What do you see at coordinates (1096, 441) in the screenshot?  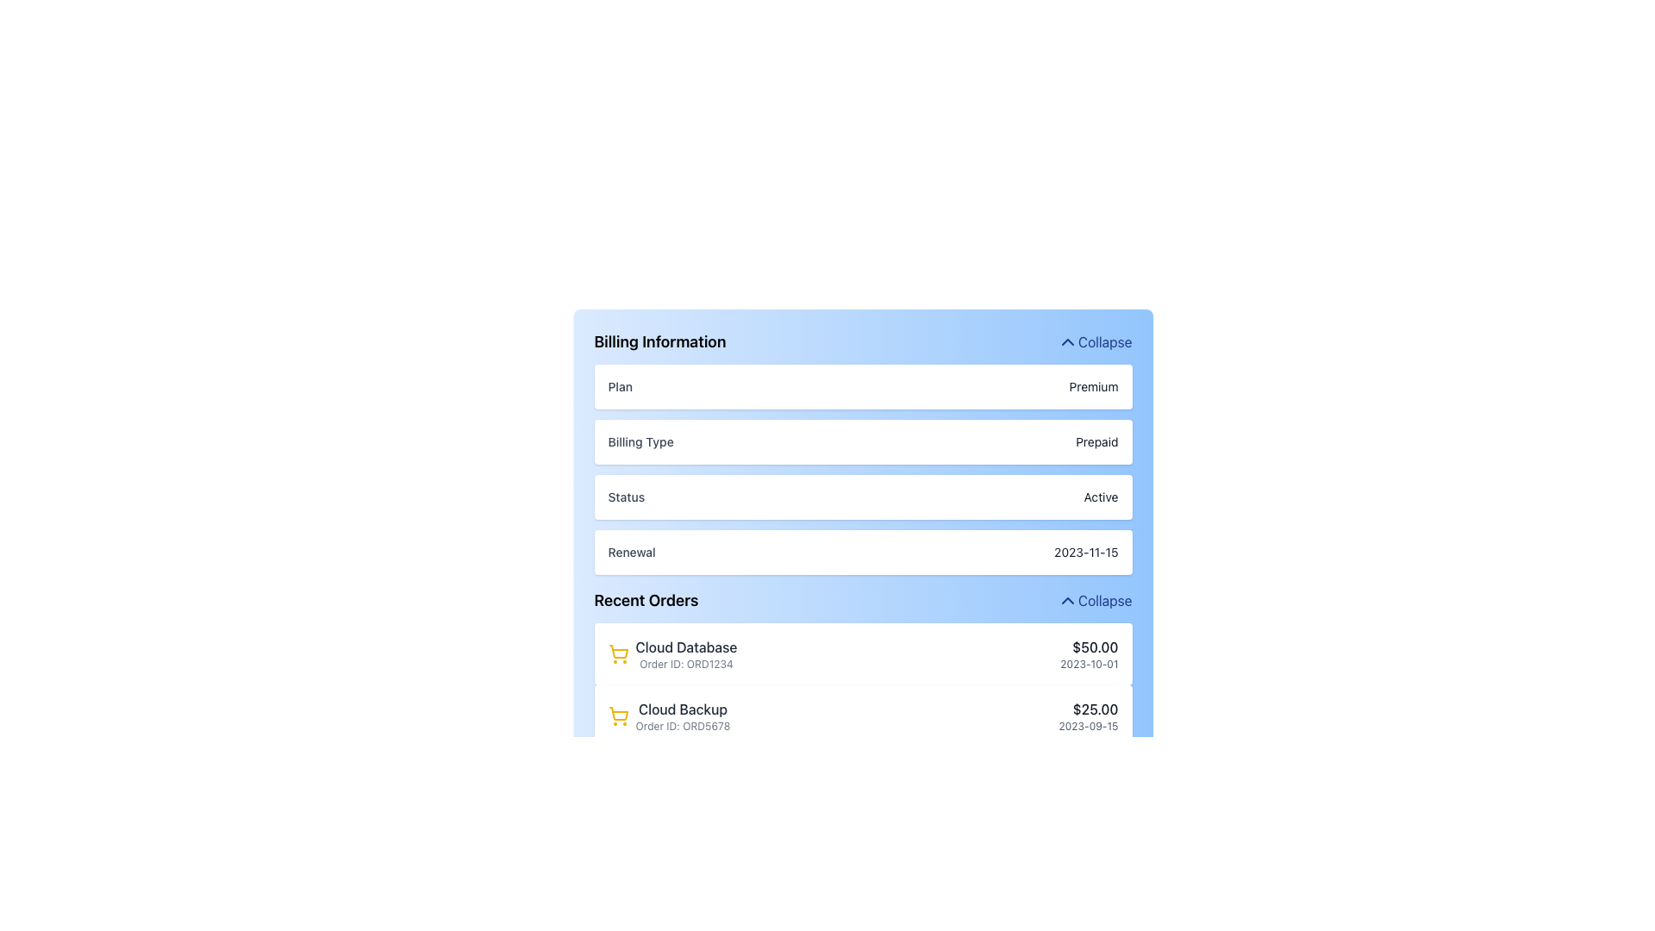 I see `the text label displaying 'Prepaid' in bold, black styling, located to the right of the 'Billing Type' label within the 'Billing Information' section` at bounding box center [1096, 441].